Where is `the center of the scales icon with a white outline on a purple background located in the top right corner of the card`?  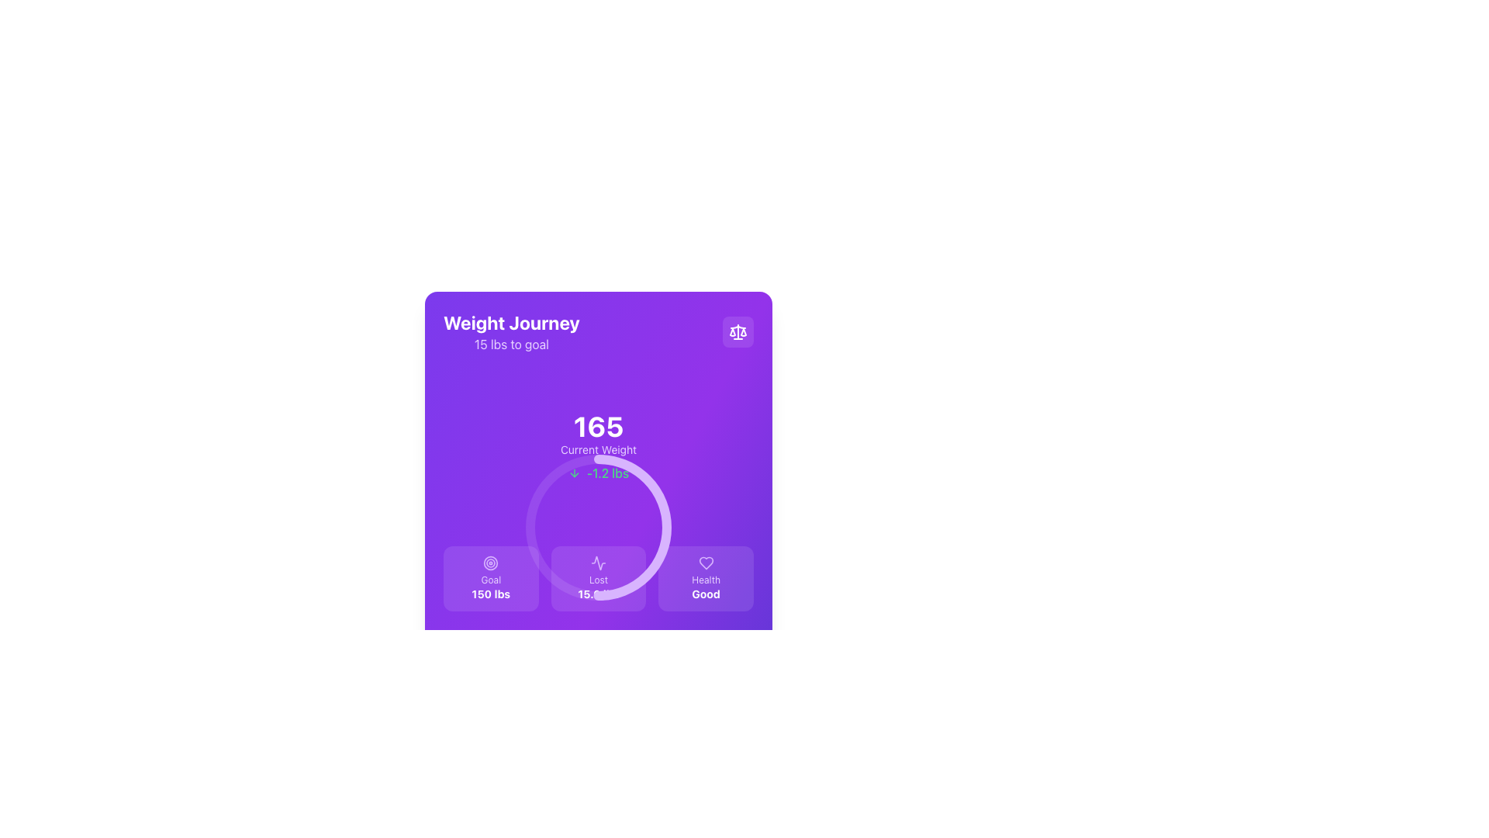 the center of the scales icon with a white outline on a purple background located in the top right corner of the card is located at coordinates (737, 331).